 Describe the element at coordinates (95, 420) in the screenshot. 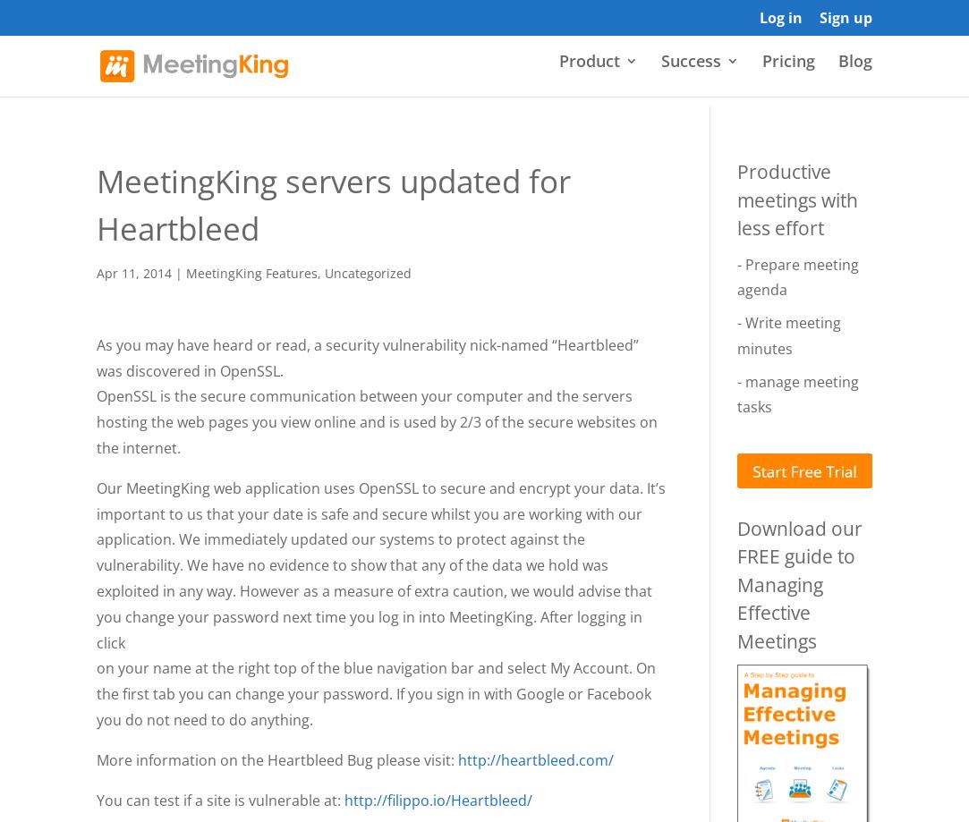

I see `'OpenSSL is the secure communication between your computer and the servers hosting the web pages you view online and is used by 2/3 of the secure websites on the internet.'` at that location.